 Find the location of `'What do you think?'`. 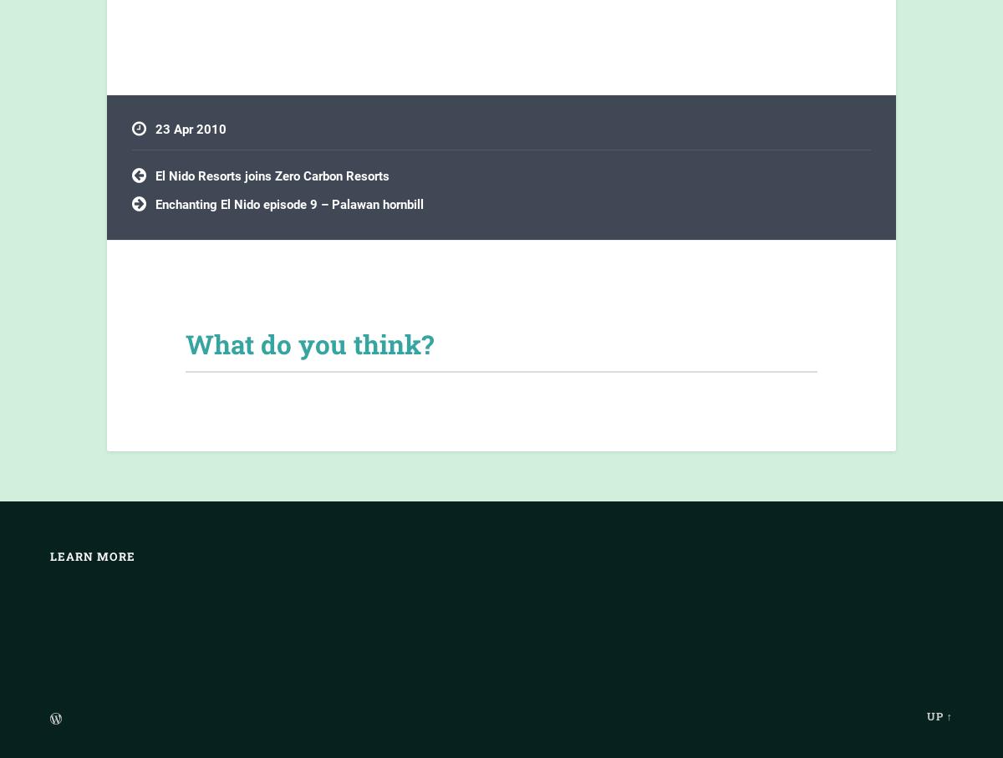

'What do you think?' is located at coordinates (309, 343).